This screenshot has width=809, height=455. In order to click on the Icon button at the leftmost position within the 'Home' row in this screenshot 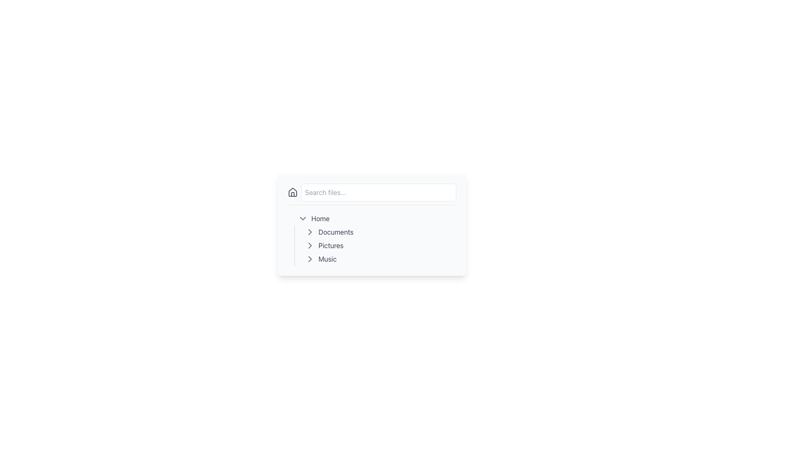, I will do `click(303, 218)`.